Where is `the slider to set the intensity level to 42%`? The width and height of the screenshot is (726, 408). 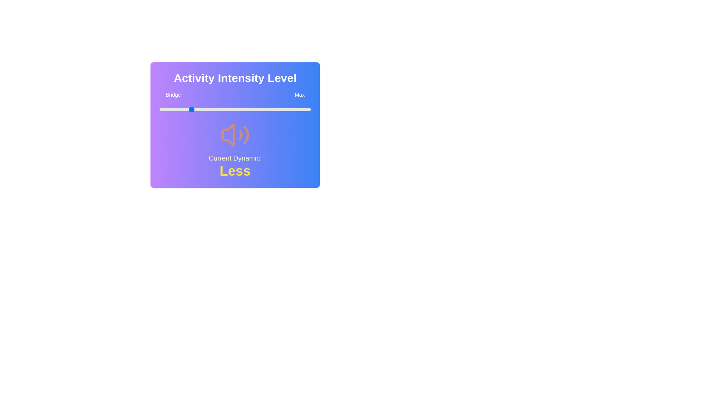 the slider to set the intensity level to 42% is located at coordinates (223, 109).